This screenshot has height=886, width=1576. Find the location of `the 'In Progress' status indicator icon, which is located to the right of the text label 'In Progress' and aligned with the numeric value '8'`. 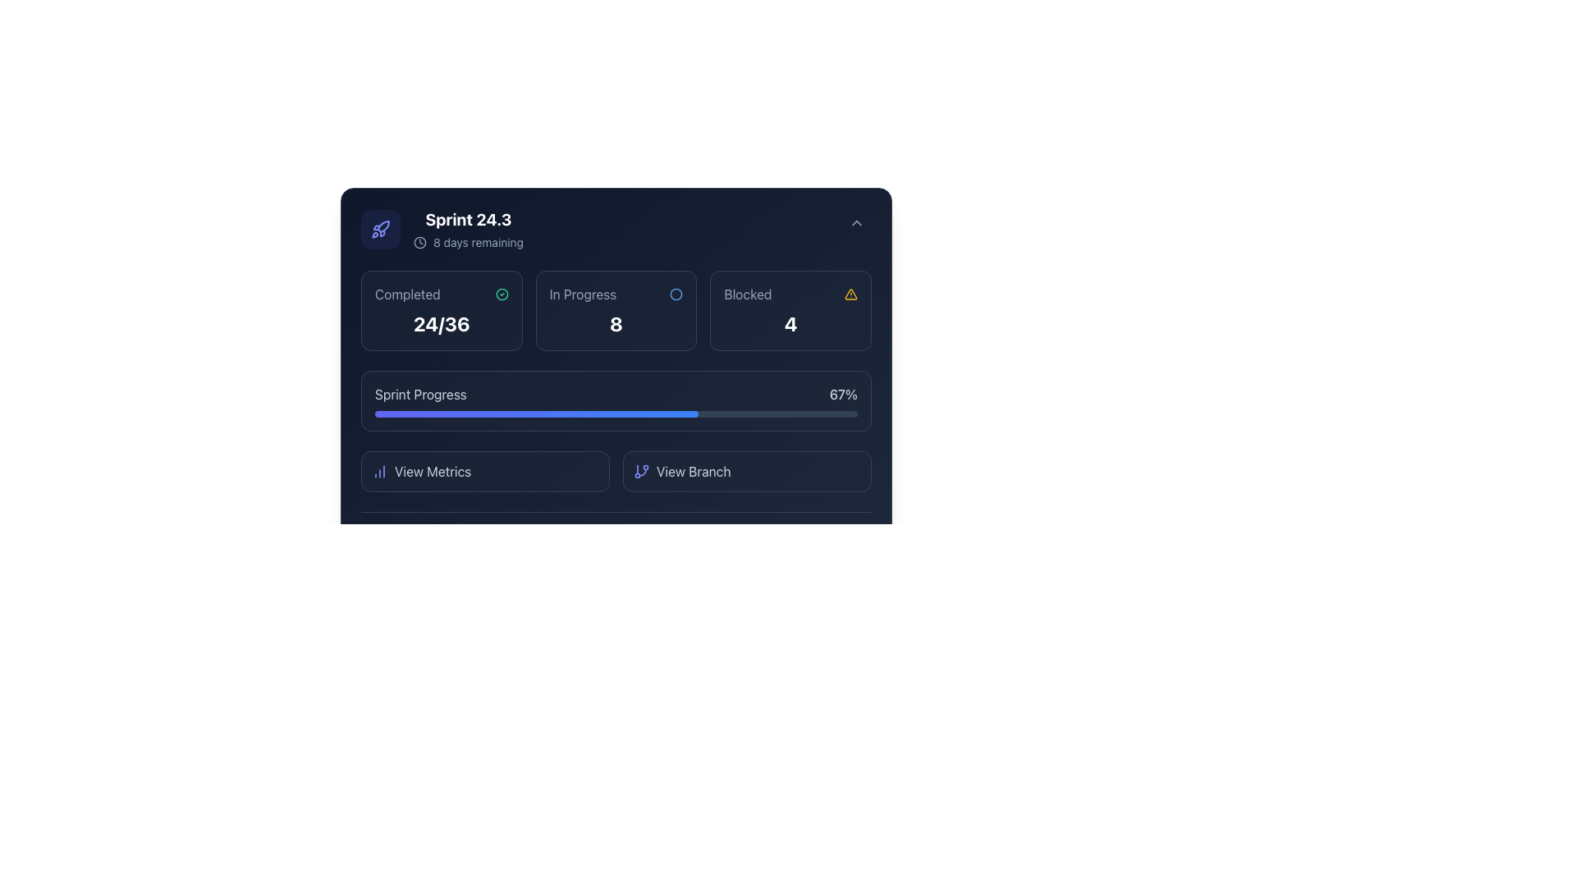

the 'In Progress' status indicator icon, which is located to the right of the text label 'In Progress' and aligned with the numeric value '8' is located at coordinates (676, 293).